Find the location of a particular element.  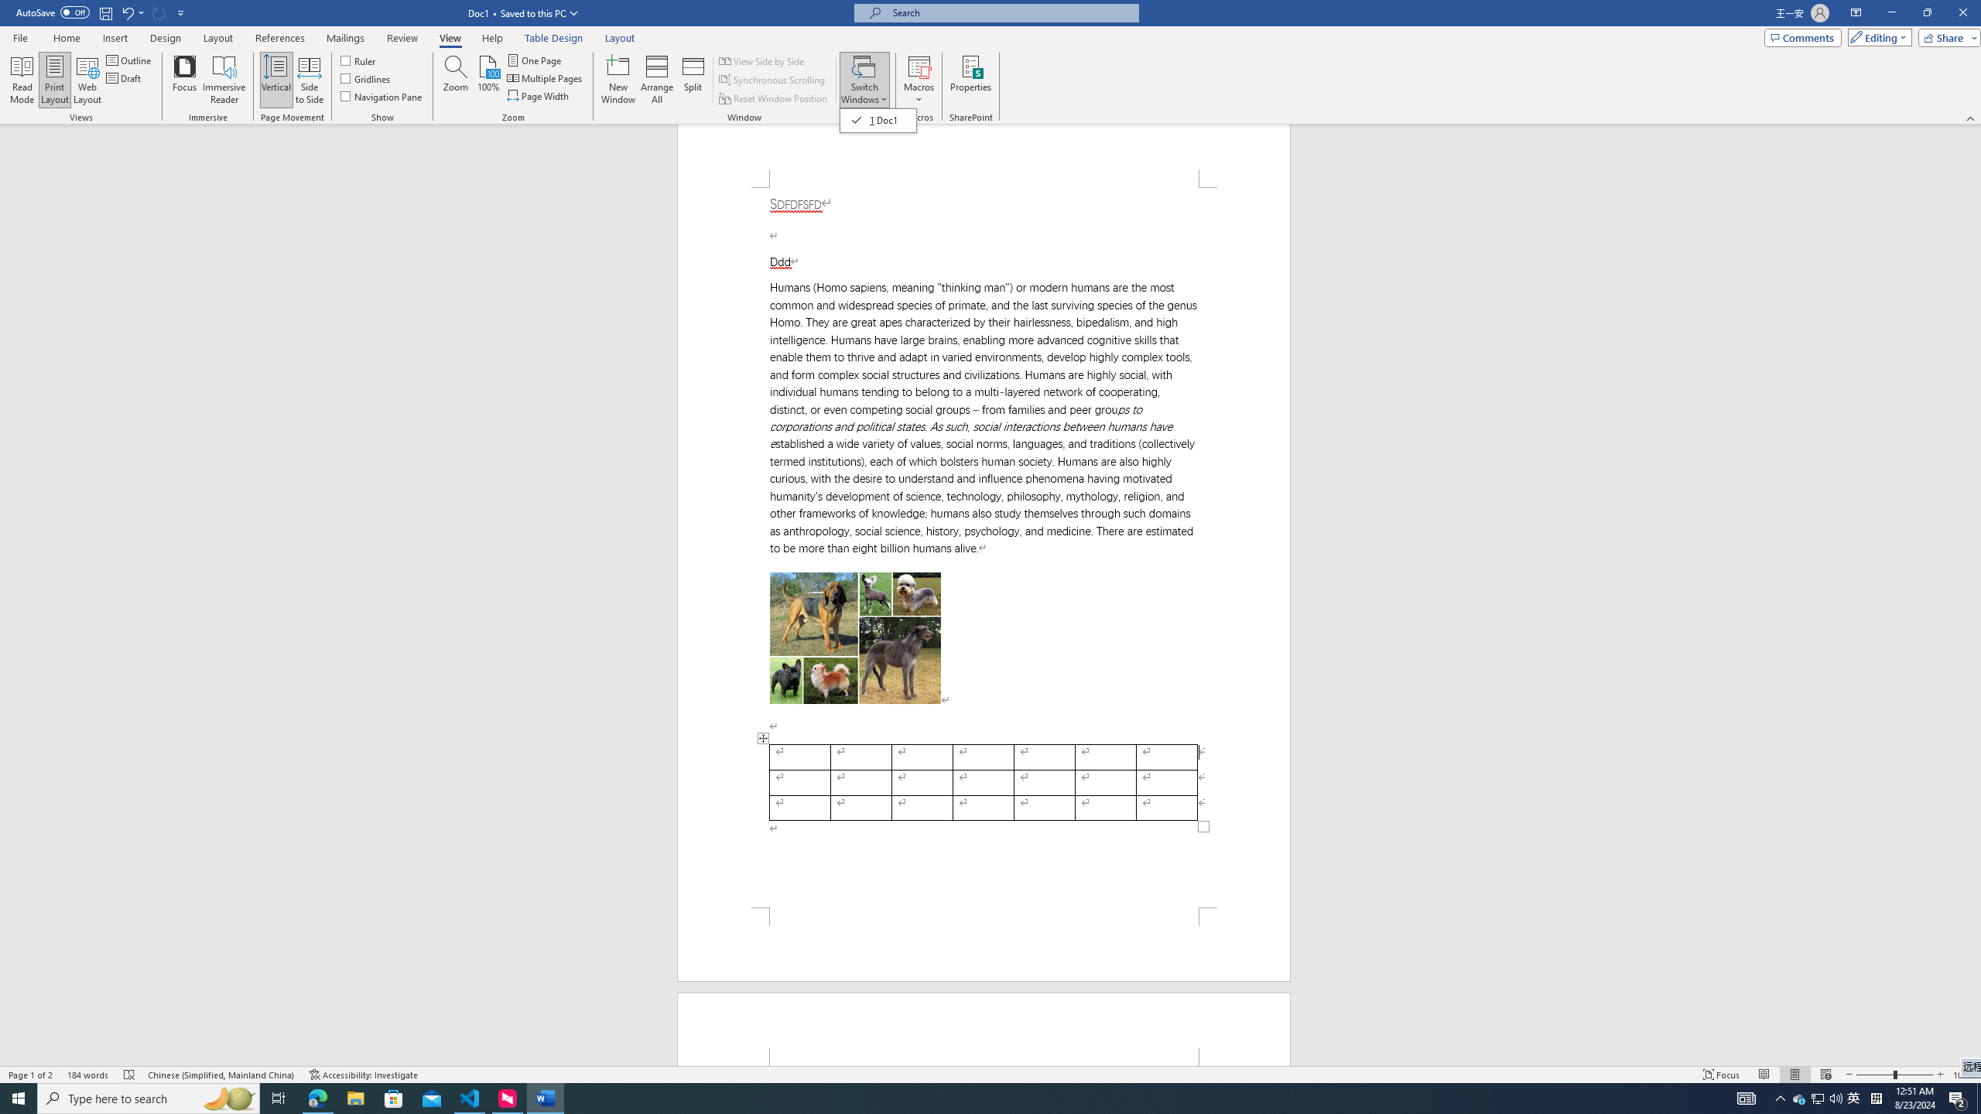

'Ruler' is located at coordinates (359, 60).